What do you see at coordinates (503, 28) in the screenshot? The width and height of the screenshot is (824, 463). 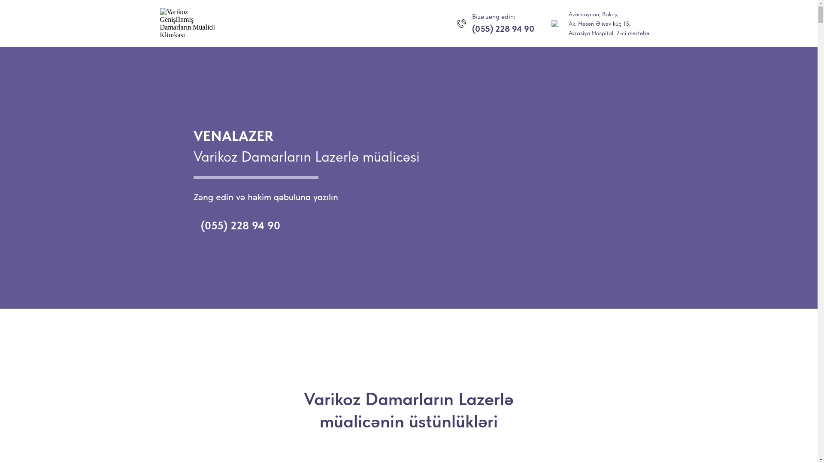 I see `'(055) 228 94 90'` at bounding box center [503, 28].